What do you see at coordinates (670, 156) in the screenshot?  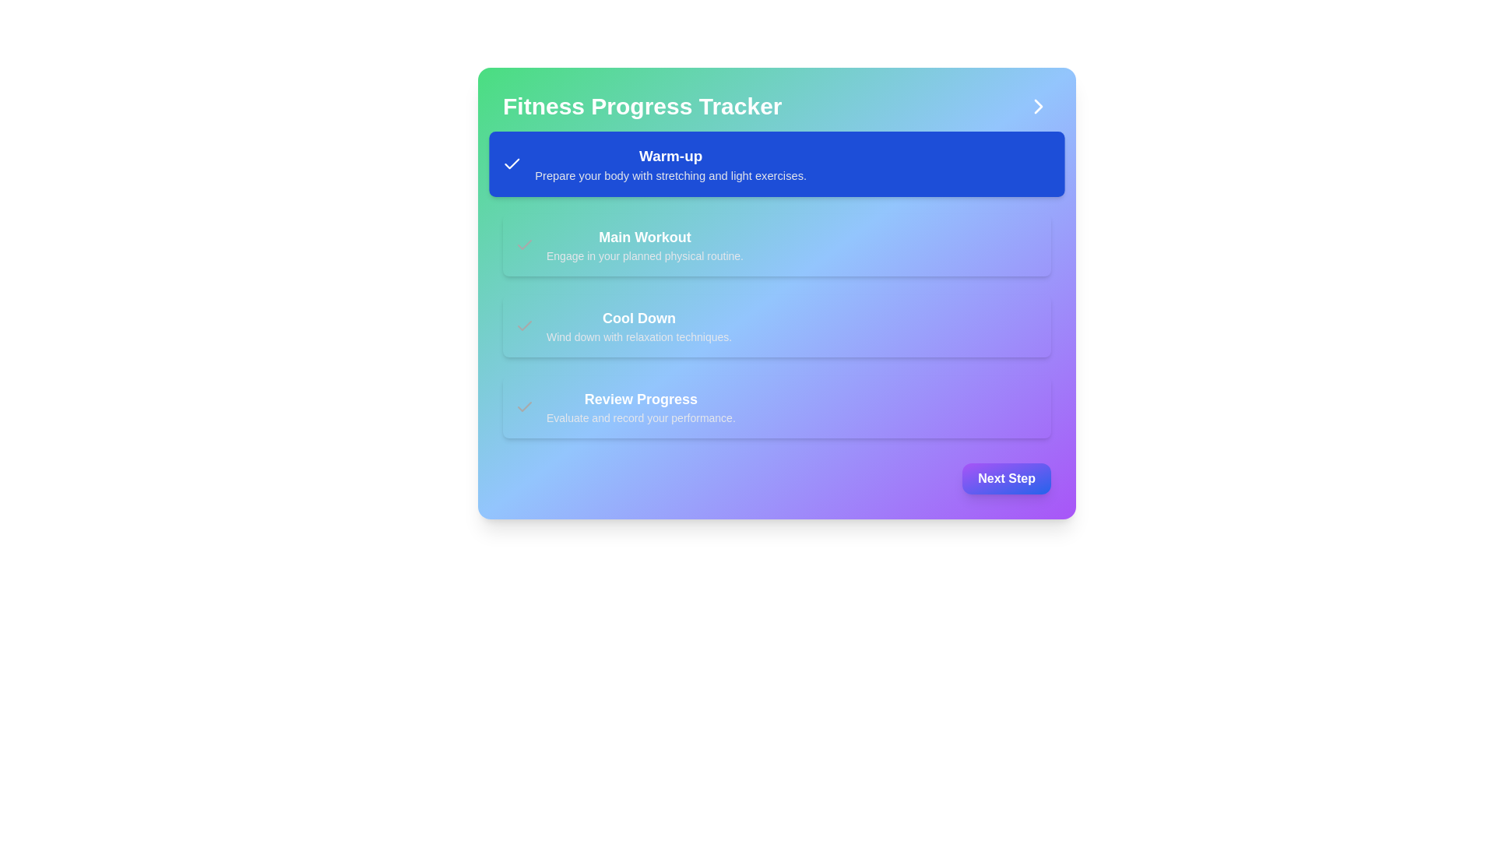 I see `bold text label displaying 'Warm-up' which is styled in white against a blue background, located at the top of the first option in a vertically stacked list` at bounding box center [670, 156].